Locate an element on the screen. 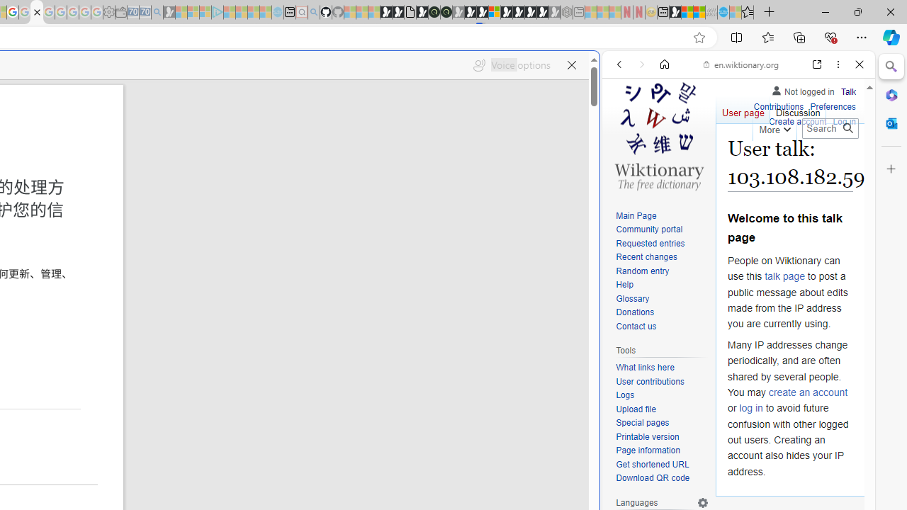 The width and height of the screenshot is (907, 510). 'Upload file' is located at coordinates (662, 409).